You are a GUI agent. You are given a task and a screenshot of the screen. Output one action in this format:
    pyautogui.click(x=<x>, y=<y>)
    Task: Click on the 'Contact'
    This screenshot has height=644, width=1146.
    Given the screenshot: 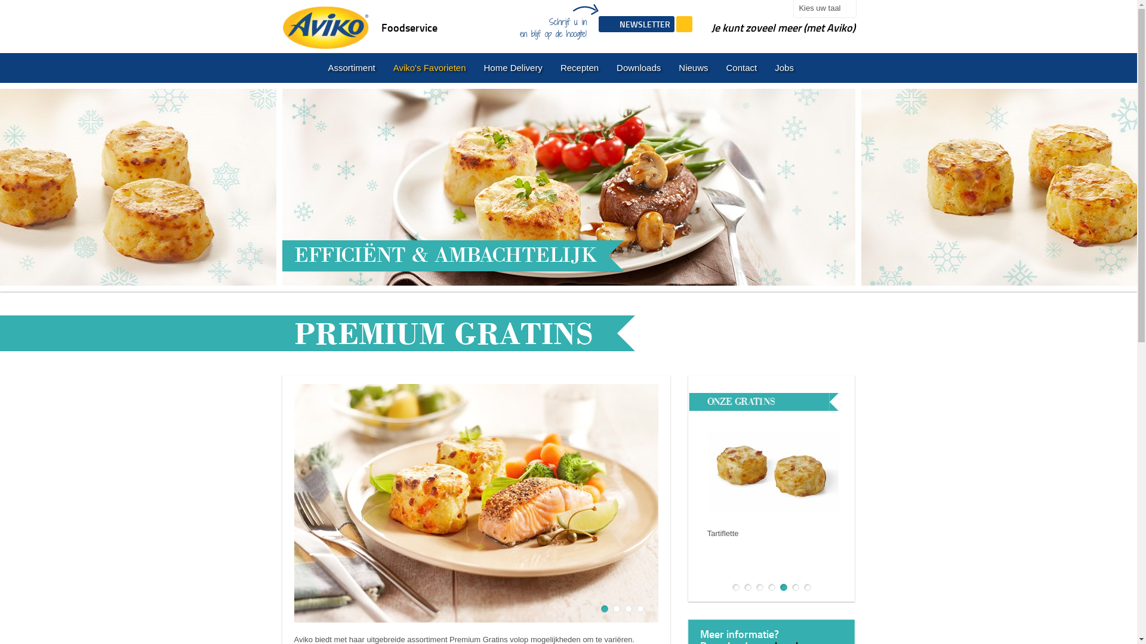 What is the action you would take?
    pyautogui.click(x=741, y=68)
    